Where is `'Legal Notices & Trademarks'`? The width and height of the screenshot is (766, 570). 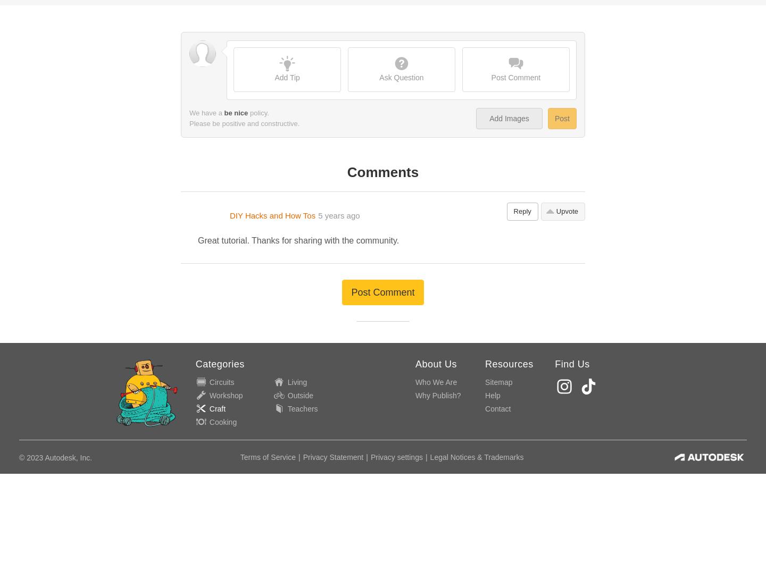
'Legal Notices & Trademarks' is located at coordinates (476, 212).